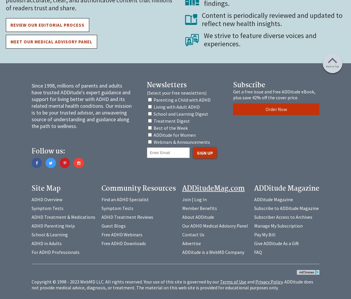 The height and width of the screenshot is (299, 351). Describe the element at coordinates (286, 208) in the screenshot. I see `'Subscribe to ADDitude Magazine'` at that location.